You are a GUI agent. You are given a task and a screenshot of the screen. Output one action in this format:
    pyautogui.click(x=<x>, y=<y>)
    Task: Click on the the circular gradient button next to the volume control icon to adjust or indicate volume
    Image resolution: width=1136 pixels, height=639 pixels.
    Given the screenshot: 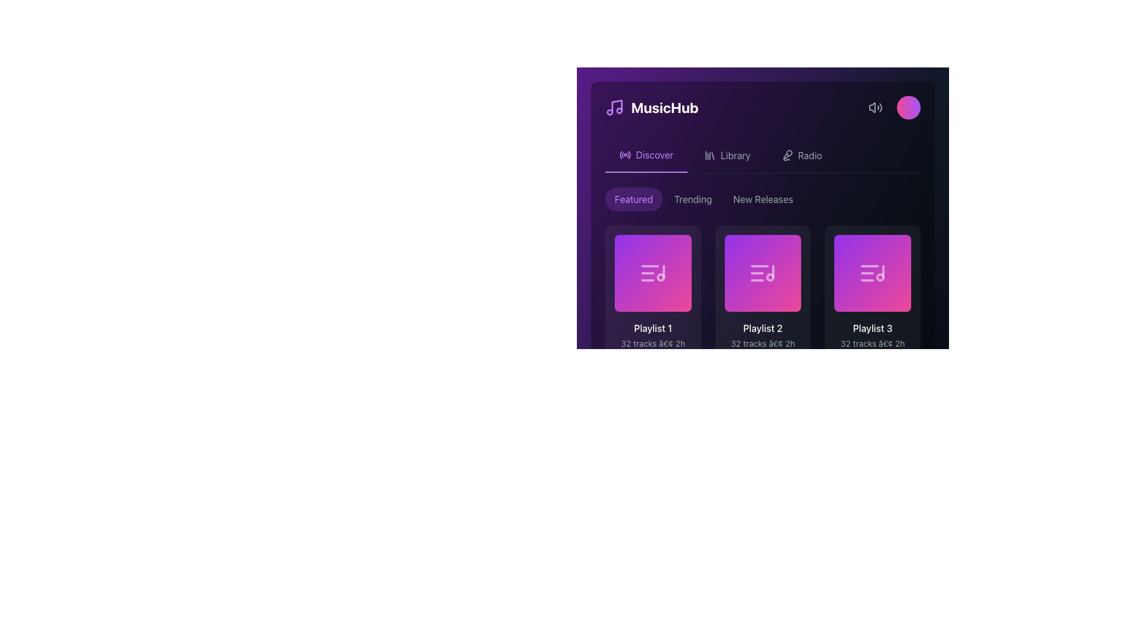 What is the action you would take?
    pyautogui.click(x=892, y=107)
    